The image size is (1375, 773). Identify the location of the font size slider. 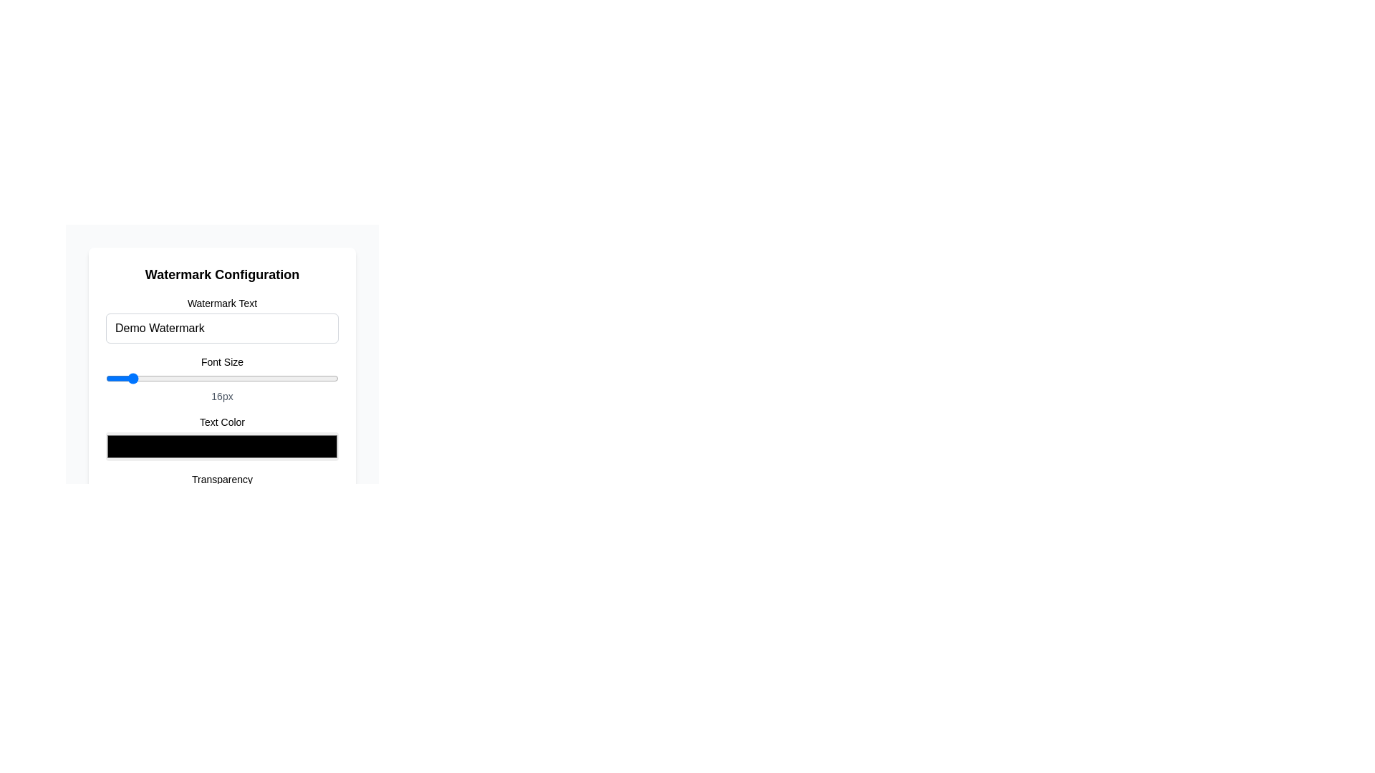
(198, 377).